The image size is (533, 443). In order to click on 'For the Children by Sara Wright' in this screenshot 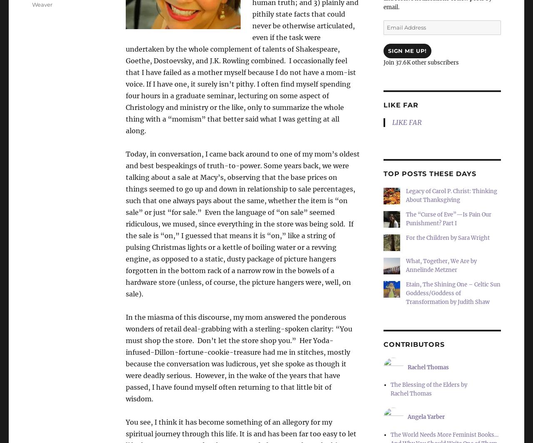, I will do `click(447, 238)`.